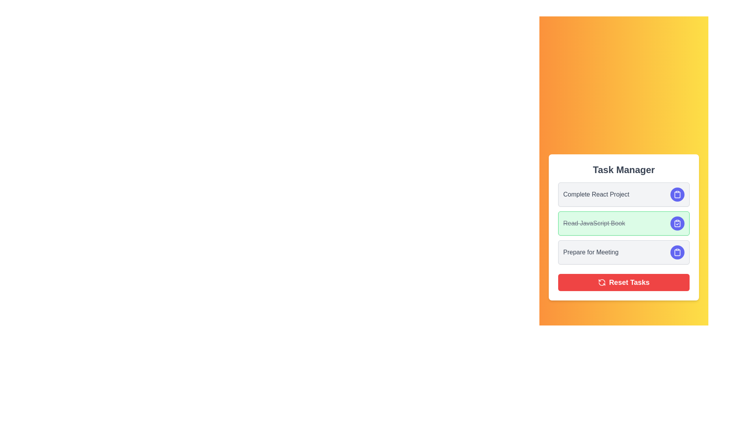 The height and width of the screenshot is (422, 751). Describe the element at coordinates (623, 282) in the screenshot. I see `the red reset button located at the bottom of the 'Task Manager' card` at that location.